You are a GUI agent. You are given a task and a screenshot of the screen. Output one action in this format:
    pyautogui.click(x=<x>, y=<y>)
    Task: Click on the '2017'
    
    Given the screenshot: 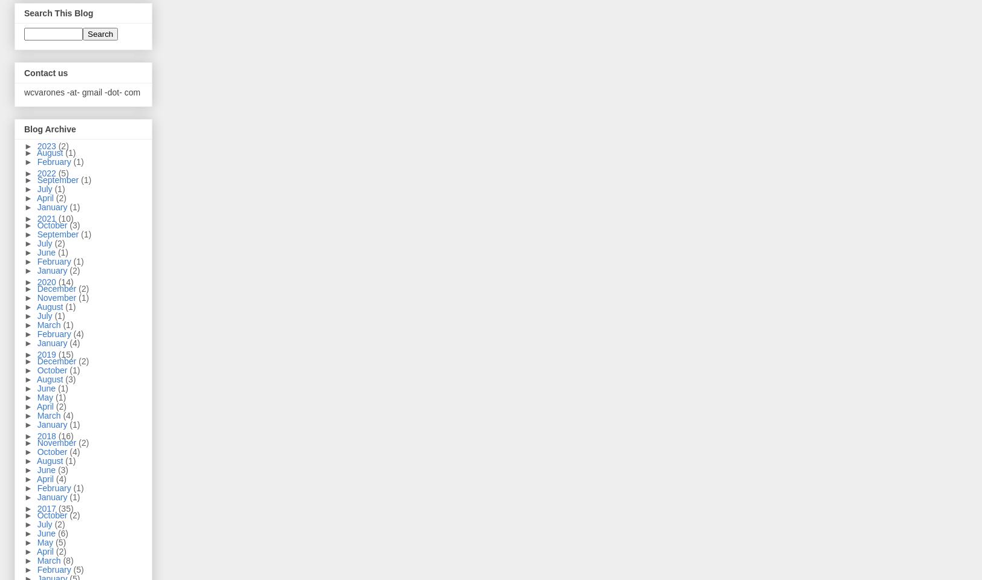 What is the action you would take?
    pyautogui.click(x=47, y=507)
    